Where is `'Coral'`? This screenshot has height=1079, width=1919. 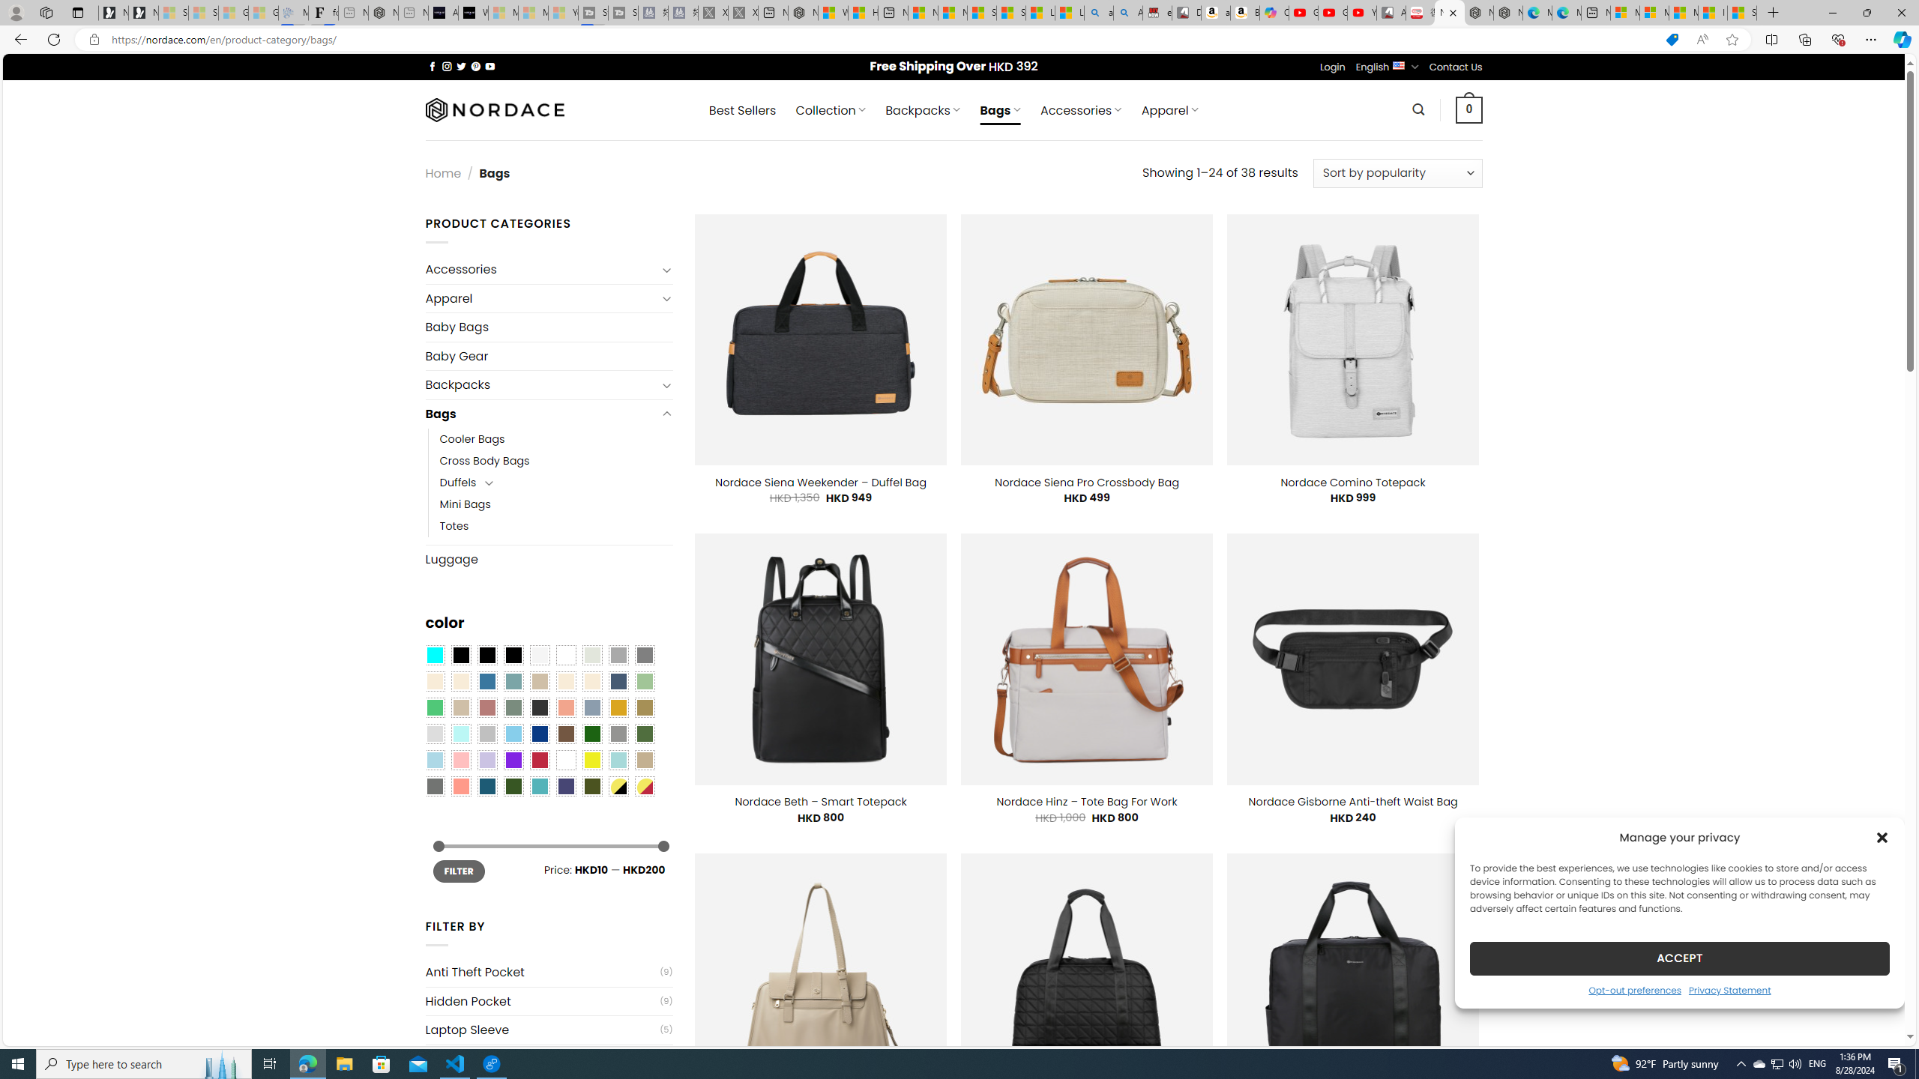 'Coral' is located at coordinates (565, 707).